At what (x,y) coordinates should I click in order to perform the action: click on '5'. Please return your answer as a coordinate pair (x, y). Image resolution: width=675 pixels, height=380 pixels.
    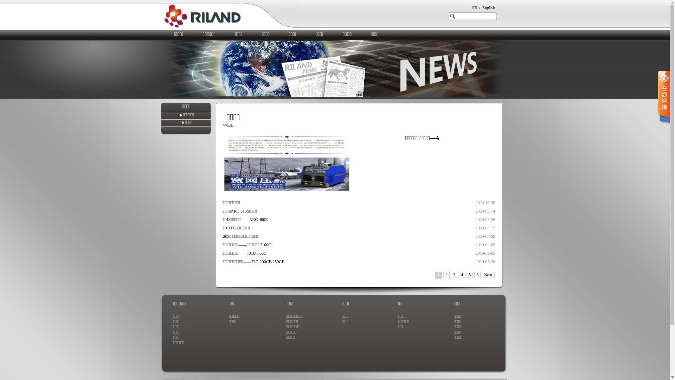
    Looking at the image, I should click on (469, 274).